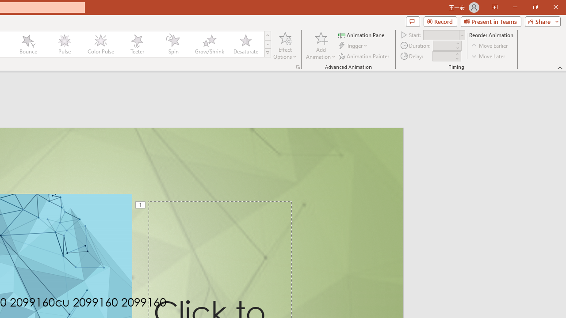 The image size is (566, 318). Describe the element at coordinates (28, 44) in the screenshot. I see `'Bounce'` at that location.